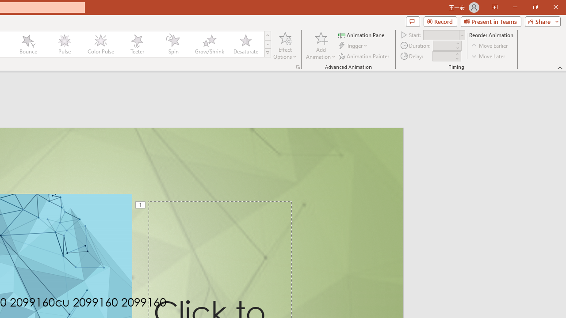 The image size is (566, 318). Describe the element at coordinates (28, 44) in the screenshot. I see `'Bounce'` at that location.